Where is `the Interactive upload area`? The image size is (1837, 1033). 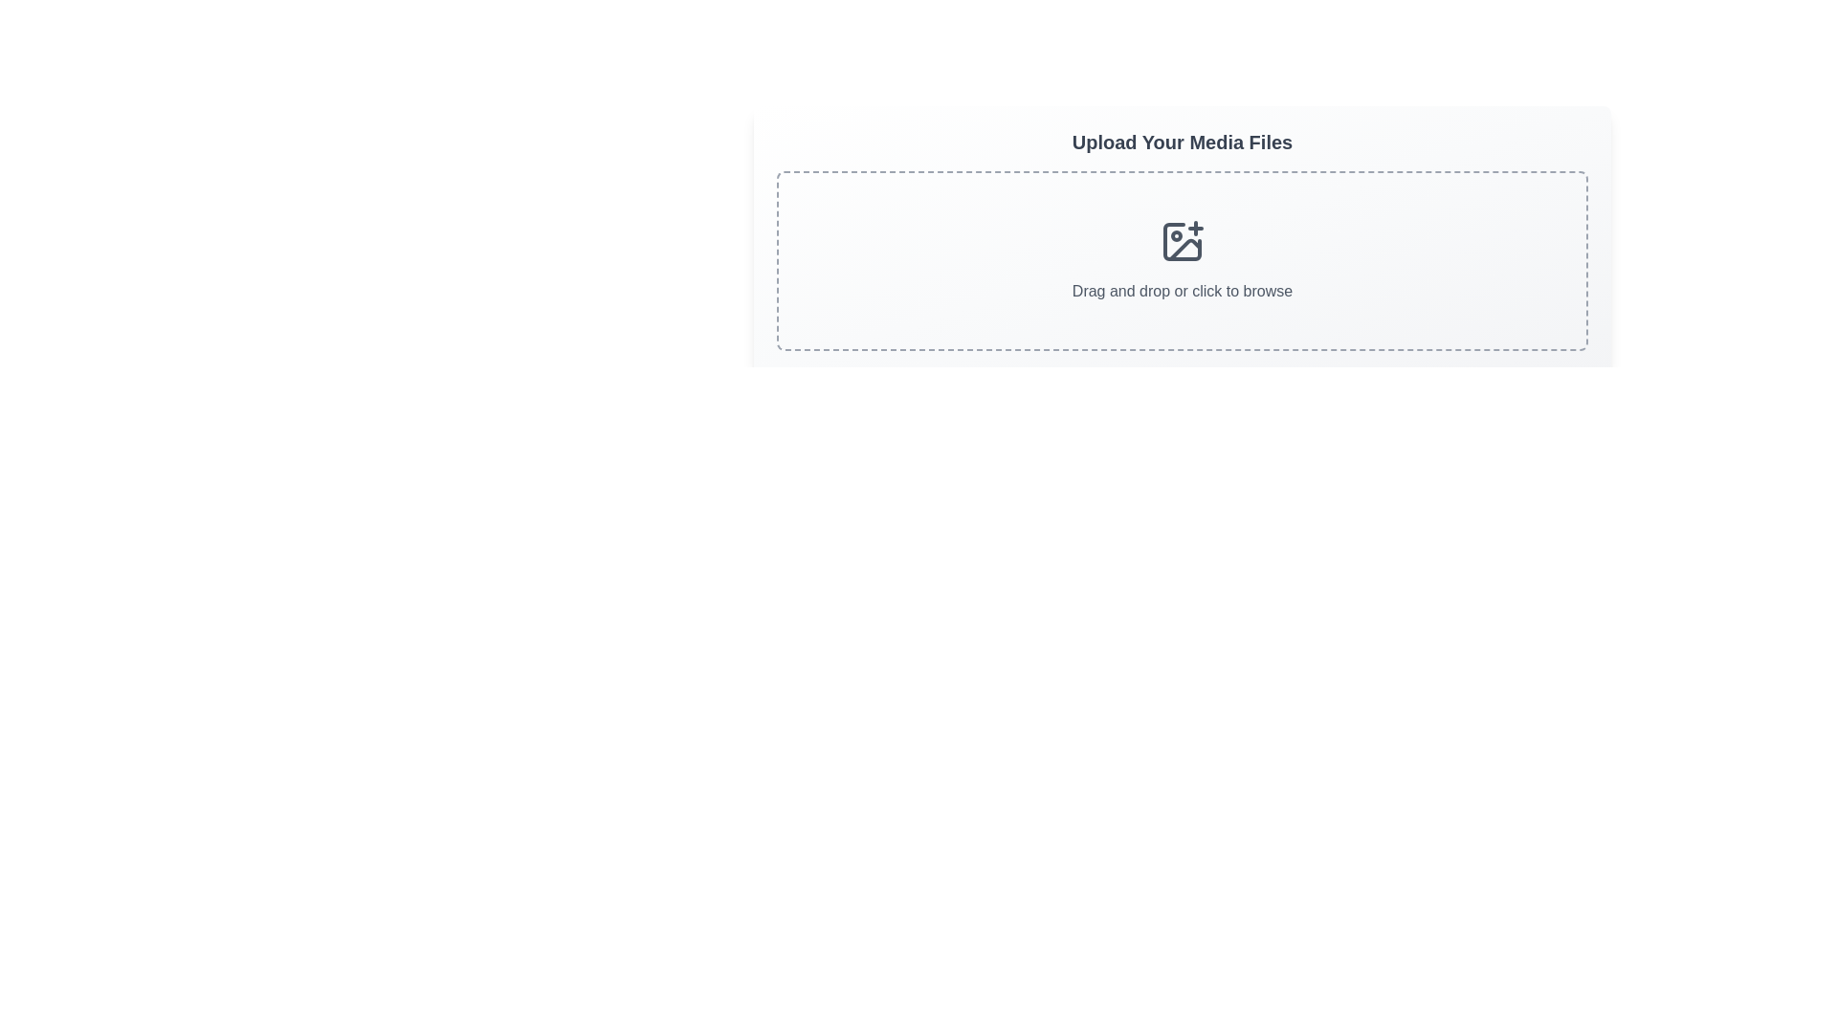 the Interactive upload area is located at coordinates (1182, 238).